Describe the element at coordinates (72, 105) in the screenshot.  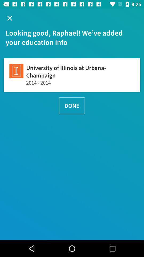
I see `item below 2014 - 2014 icon` at that location.